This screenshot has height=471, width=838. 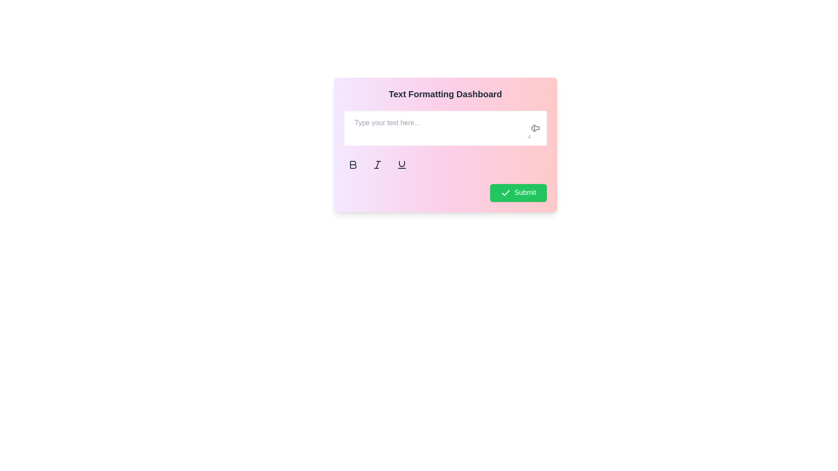 What do you see at coordinates (377, 165) in the screenshot?
I see `the middle italic formatting button, which has a minimalist design and an italicized 'I' icon` at bounding box center [377, 165].